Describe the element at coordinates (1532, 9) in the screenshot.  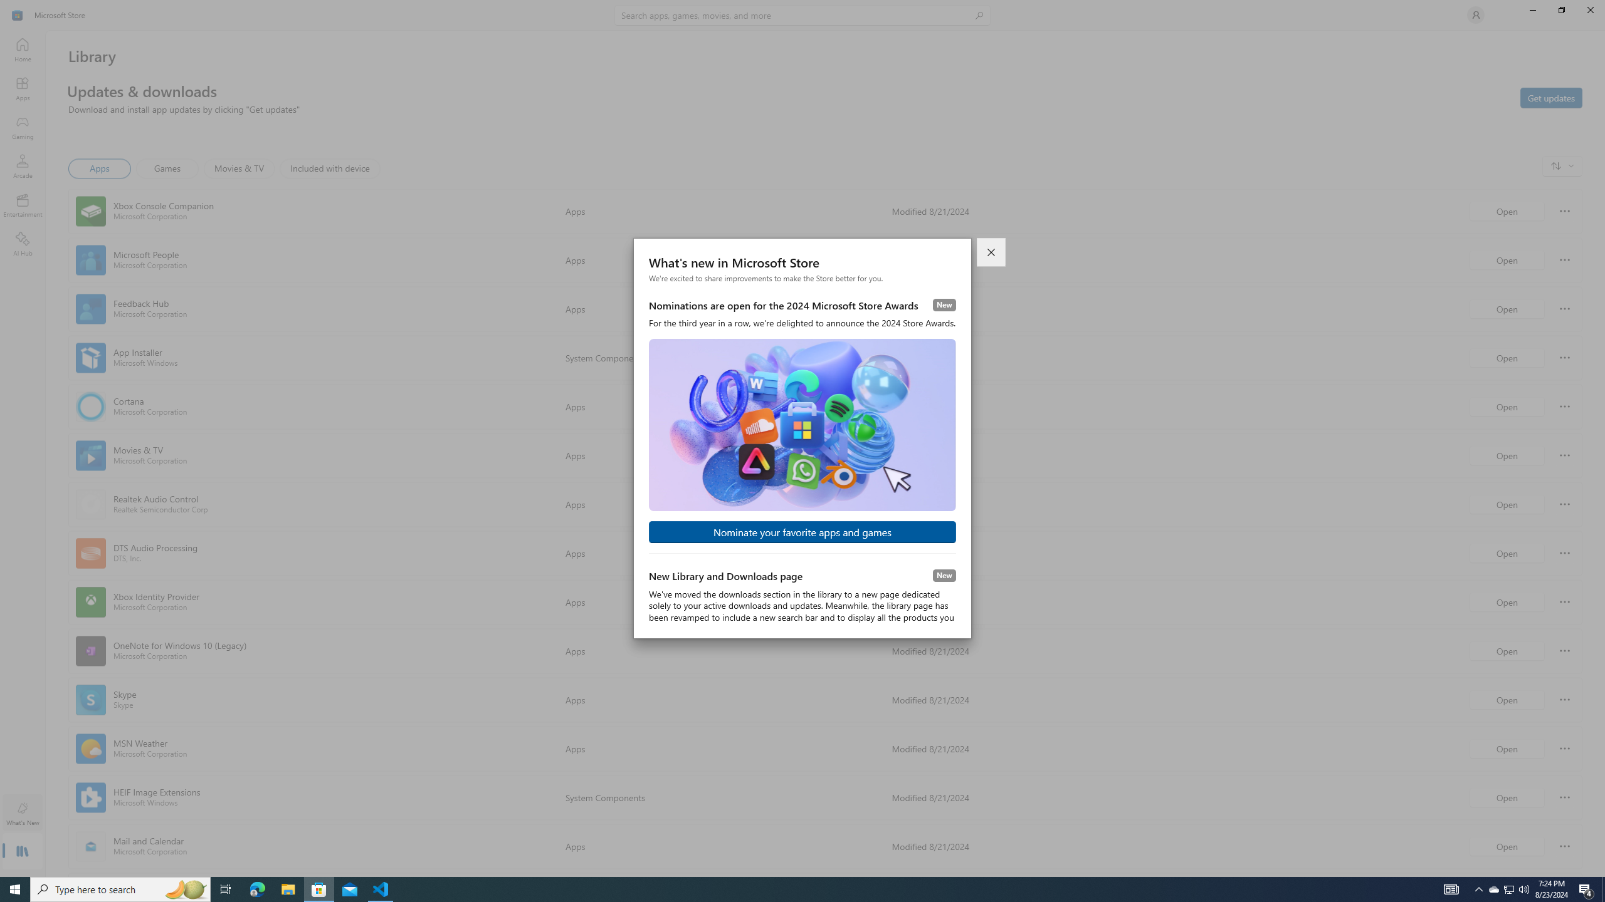
I see `'Minimize Microsoft Store'` at that location.